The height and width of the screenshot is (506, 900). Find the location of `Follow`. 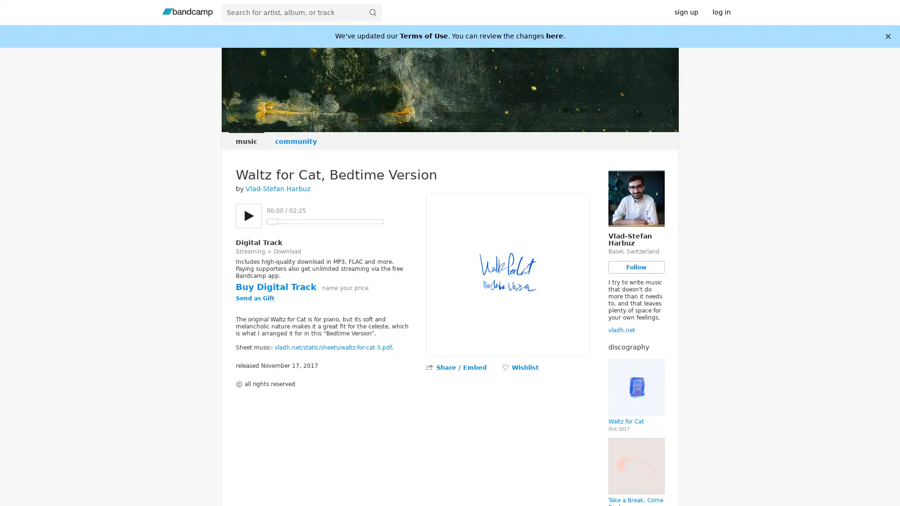

Follow is located at coordinates (636, 267).